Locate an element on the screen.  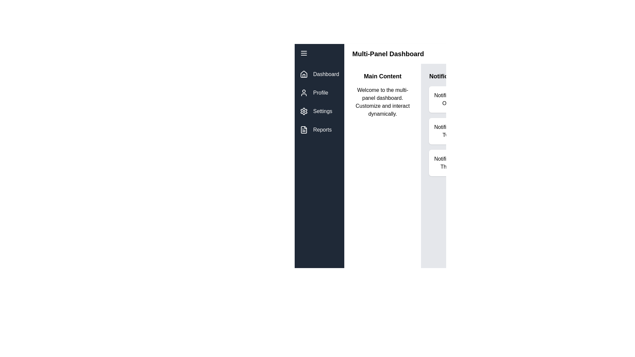
the Header element at the top of the dashboard interface, which indicates the current section being displayed is located at coordinates (408, 53).